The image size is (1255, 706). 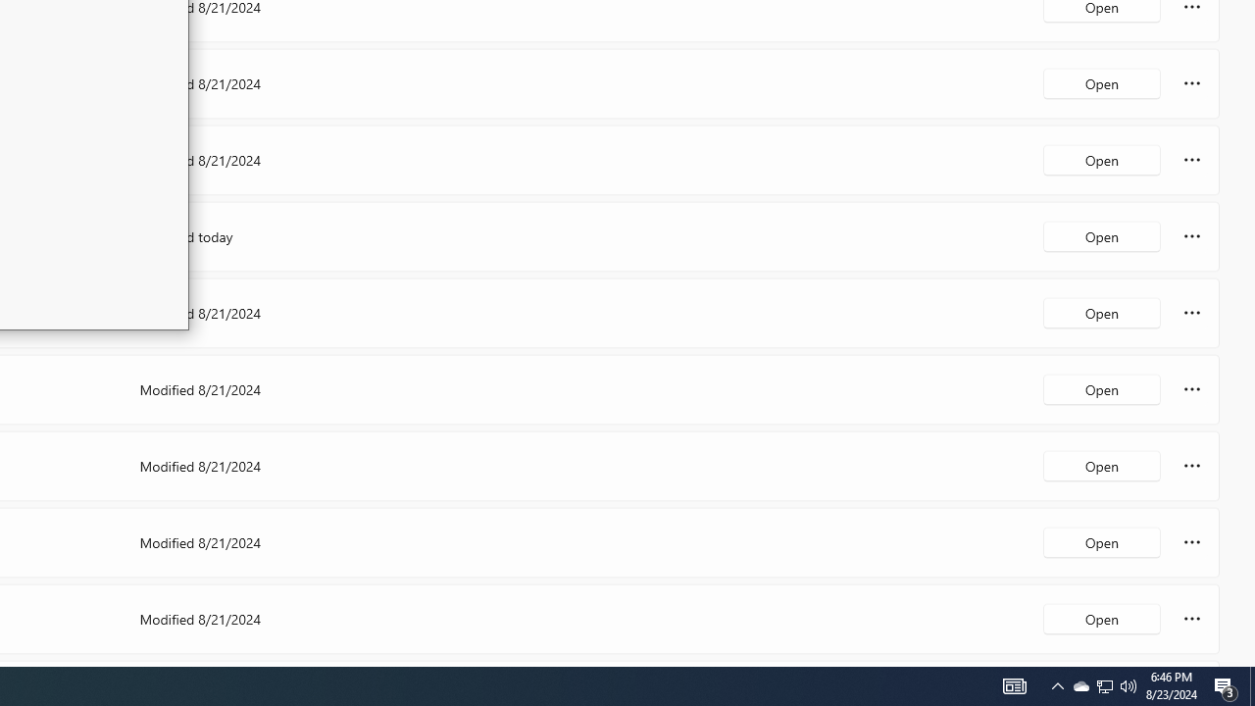 What do you see at coordinates (1057, 684) in the screenshot?
I see `'Notification Chevron'` at bounding box center [1057, 684].